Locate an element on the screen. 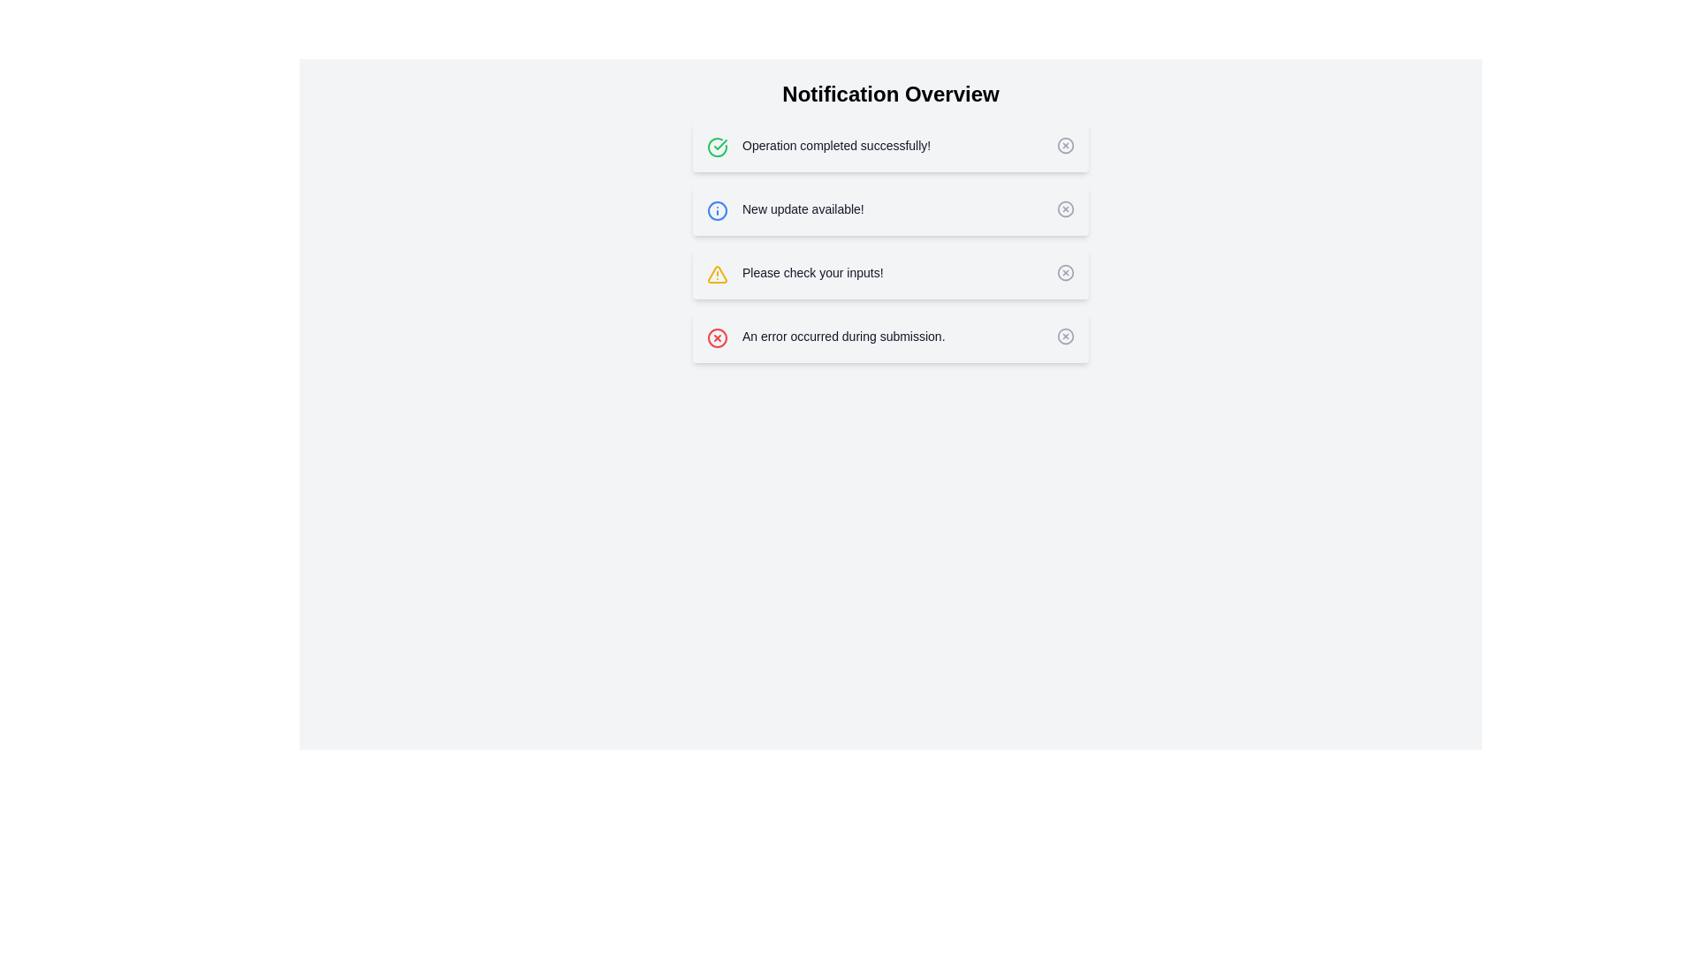 The width and height of the screenshot is (1697, 954). heading text 'Notification Overview' which is a bold and larger title indicating the main heading of the notifications section is located at coordinates (891, 95).